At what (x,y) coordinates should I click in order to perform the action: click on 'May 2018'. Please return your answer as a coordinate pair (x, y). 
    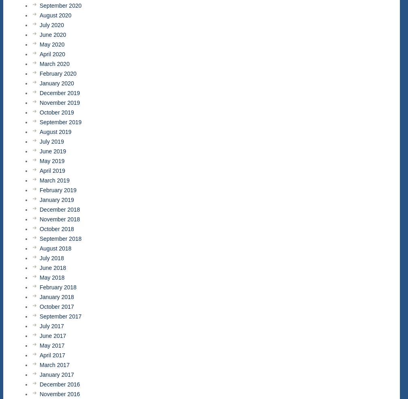
    Looking at the image, I should click on (52, 277).